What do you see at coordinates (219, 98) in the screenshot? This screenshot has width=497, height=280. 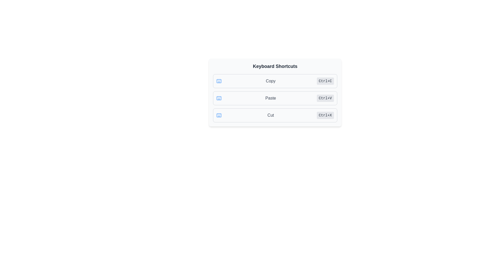 I see `the keyboard-related action icon associated with the 'Paste' command located in the left section of the 'Paste' option row` at bounding box center [219, 98].